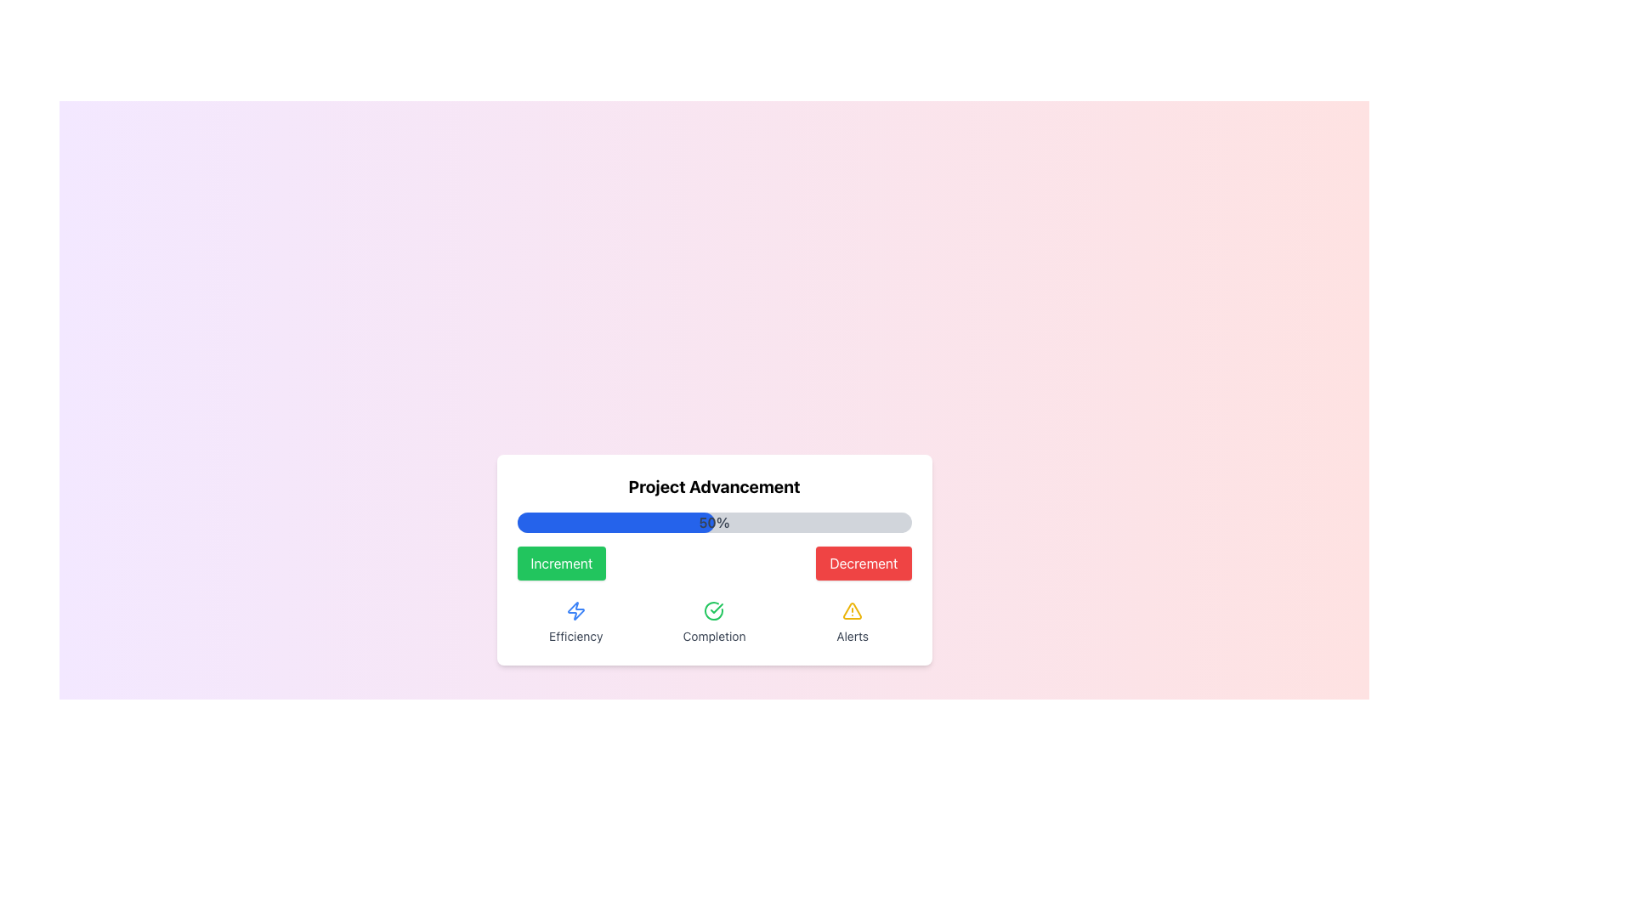  What do you see at coordinates (714, 622) in the screenshot?
I see `the attributes displayed in the grid section of the 'Project Advancement' card, which includes columns labeled 'Efficiency', 'Completion', and 'Alerts' with corresponding icons` at bounding box center [714, 622].